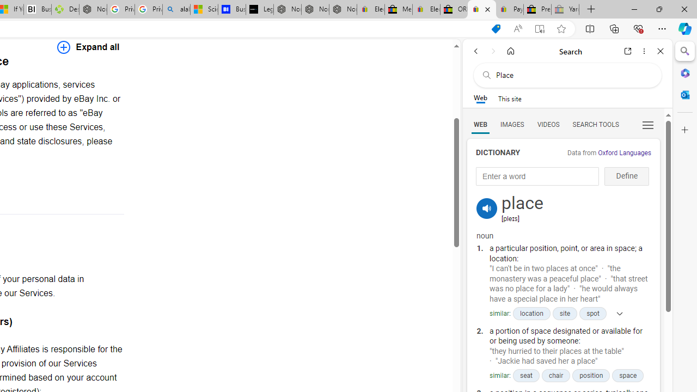 This screenshot has height=392, width=697. What do you see at coordinates (495, 28) in the screenshot?
I see `'This site has coupons! Shopping in Microsoft Edge'` at bounding box center [495, 28].